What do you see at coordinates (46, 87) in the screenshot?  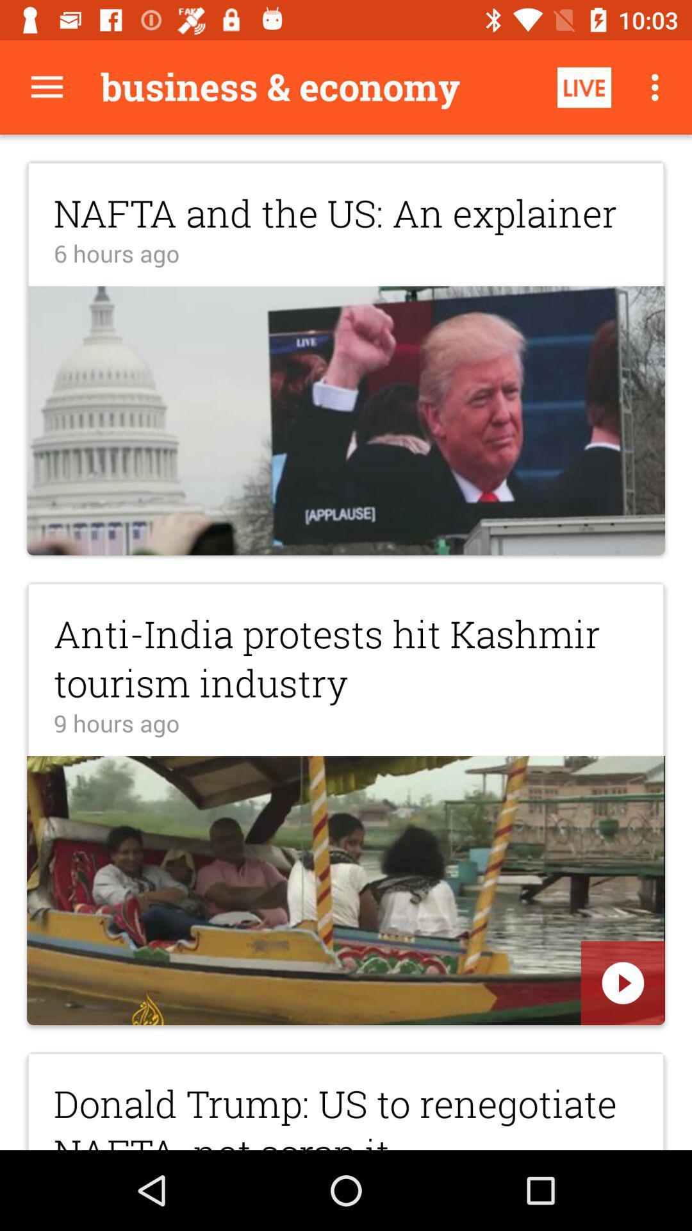 I see `show menu` at bounding box center [46, 87].